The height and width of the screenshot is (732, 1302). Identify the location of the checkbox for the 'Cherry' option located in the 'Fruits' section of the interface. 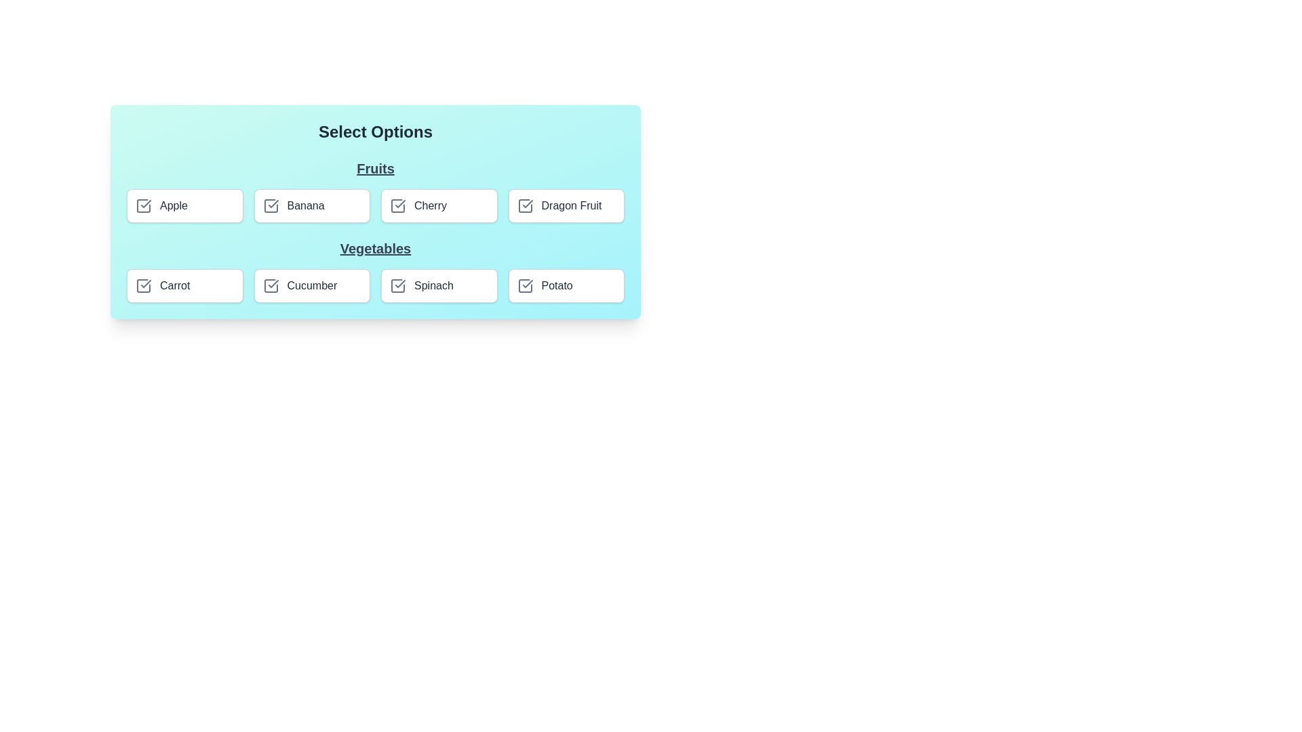
(397, 206).